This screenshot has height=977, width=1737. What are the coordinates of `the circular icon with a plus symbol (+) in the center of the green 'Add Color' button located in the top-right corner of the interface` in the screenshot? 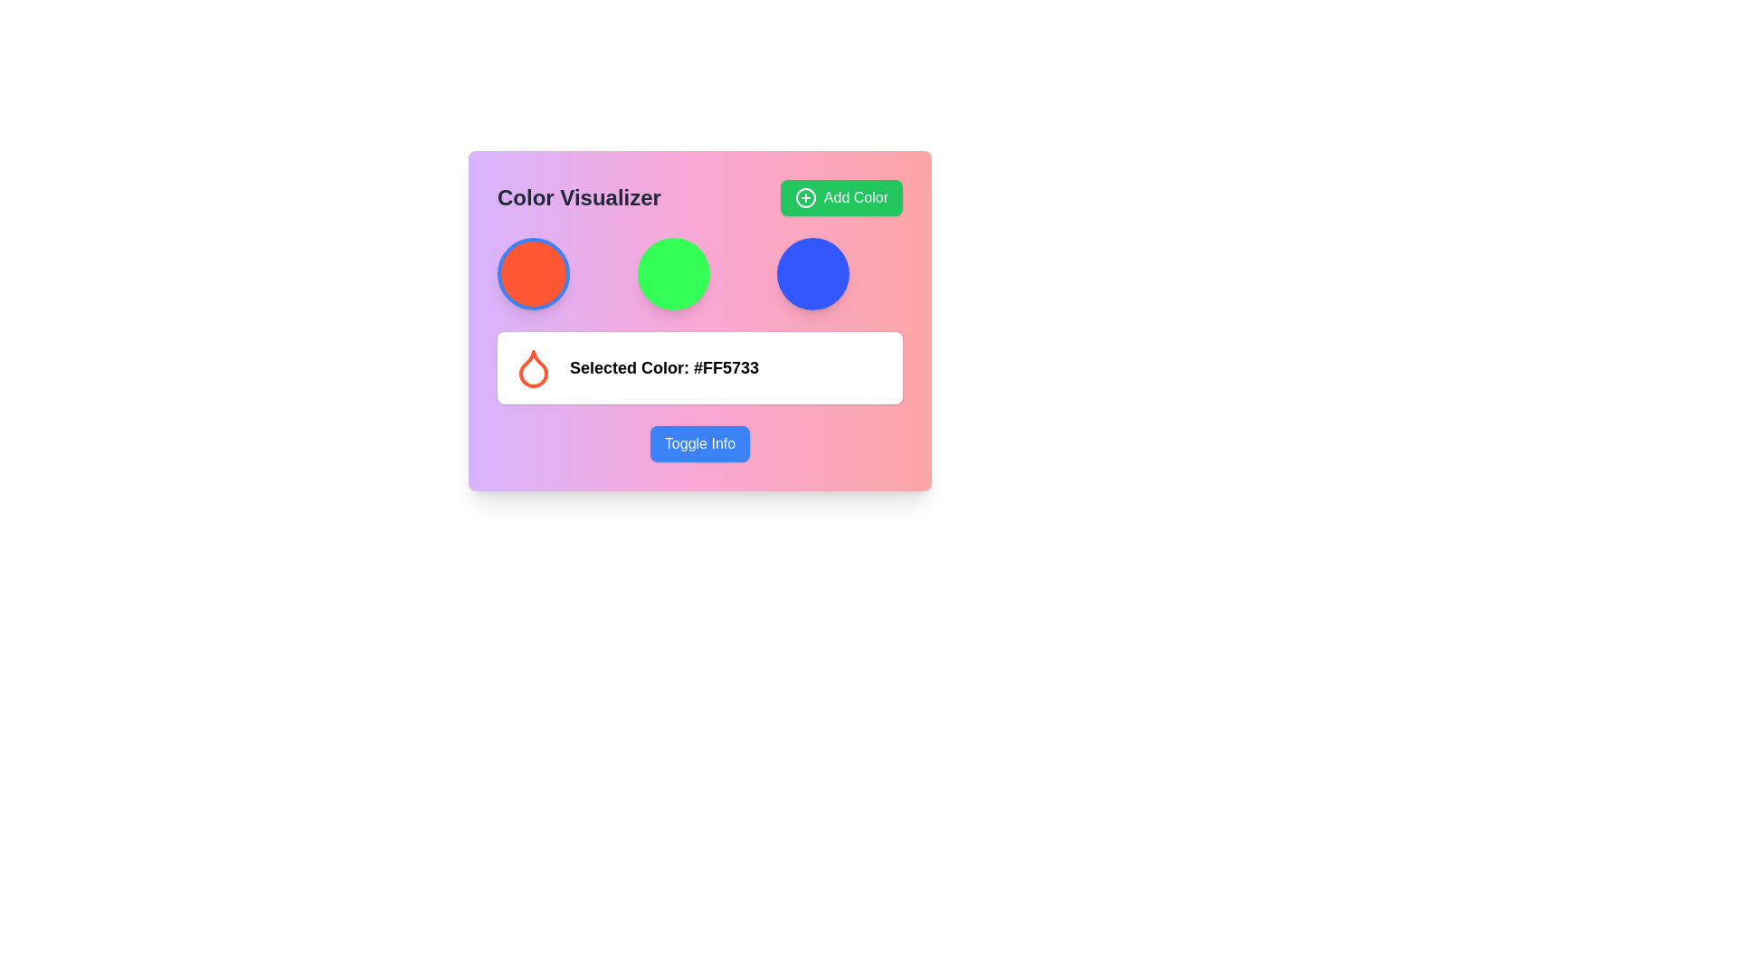 It's located at (804, 198).